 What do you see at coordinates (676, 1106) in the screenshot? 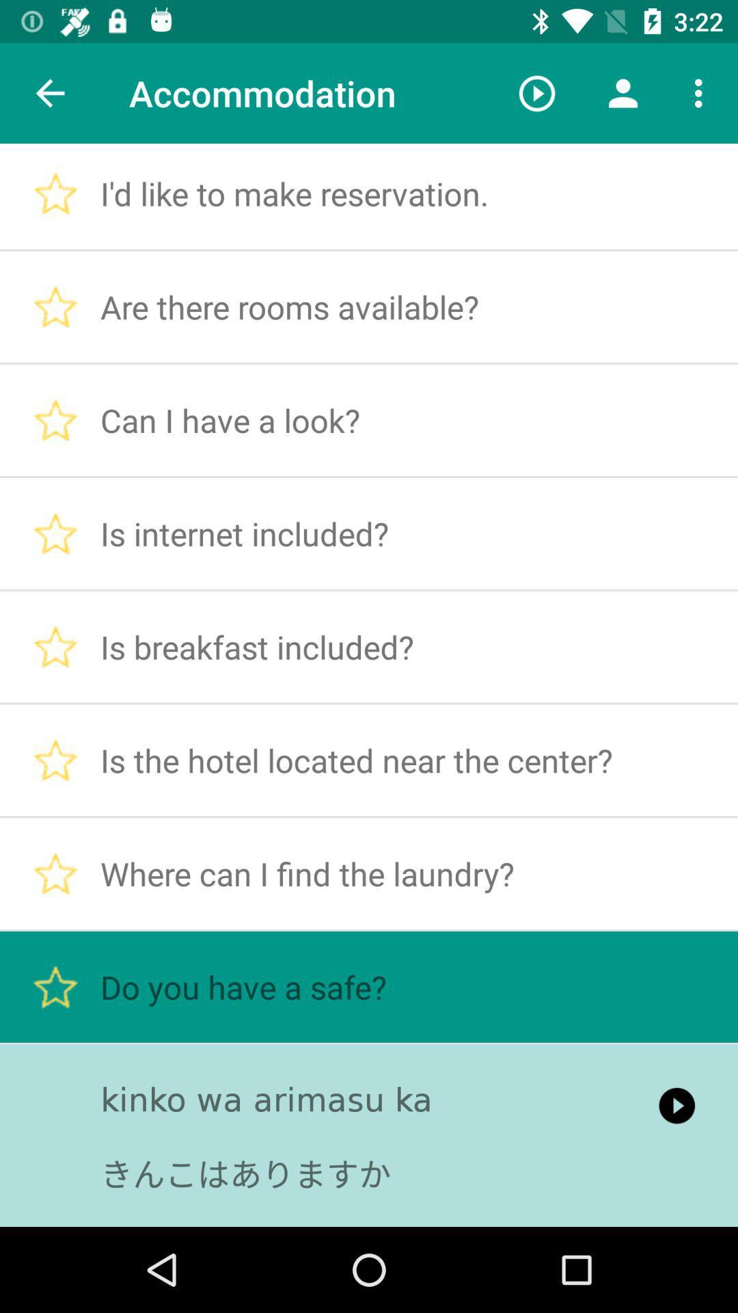
I see `item at the bottom right corner` at bounding box center [676, 1106].